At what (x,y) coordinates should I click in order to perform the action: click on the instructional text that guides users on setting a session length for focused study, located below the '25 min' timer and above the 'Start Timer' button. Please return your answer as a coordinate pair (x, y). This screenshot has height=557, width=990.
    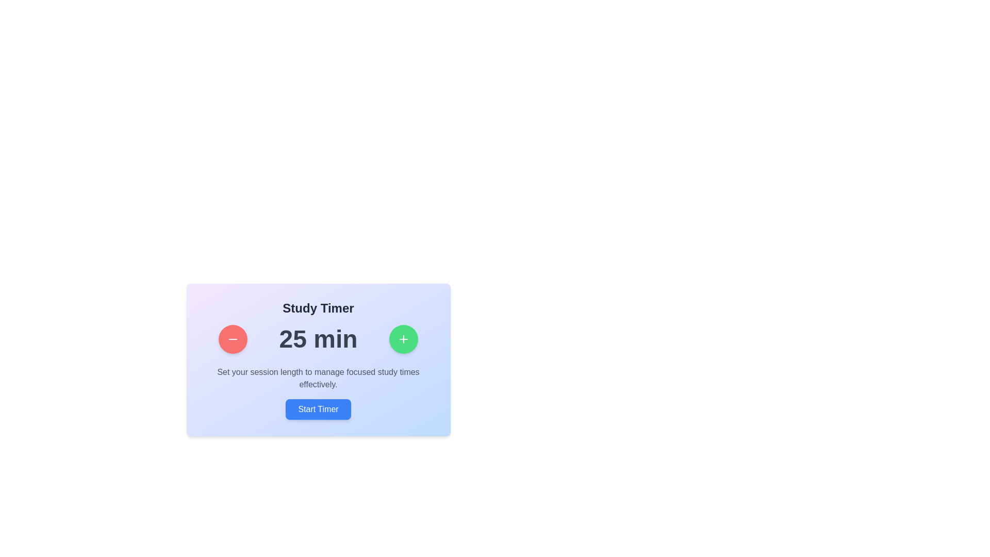
    Looking at the image, I should click on (318, 378).